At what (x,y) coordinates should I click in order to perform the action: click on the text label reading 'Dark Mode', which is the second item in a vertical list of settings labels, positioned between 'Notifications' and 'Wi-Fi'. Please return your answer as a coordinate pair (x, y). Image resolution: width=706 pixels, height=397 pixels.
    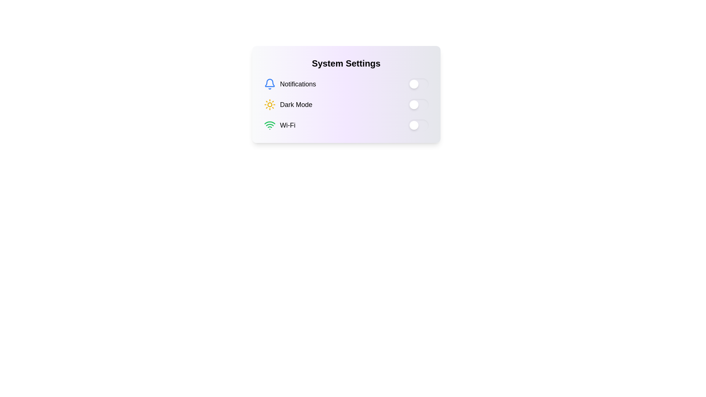
    Looking at the image, I should click on (296, 105).